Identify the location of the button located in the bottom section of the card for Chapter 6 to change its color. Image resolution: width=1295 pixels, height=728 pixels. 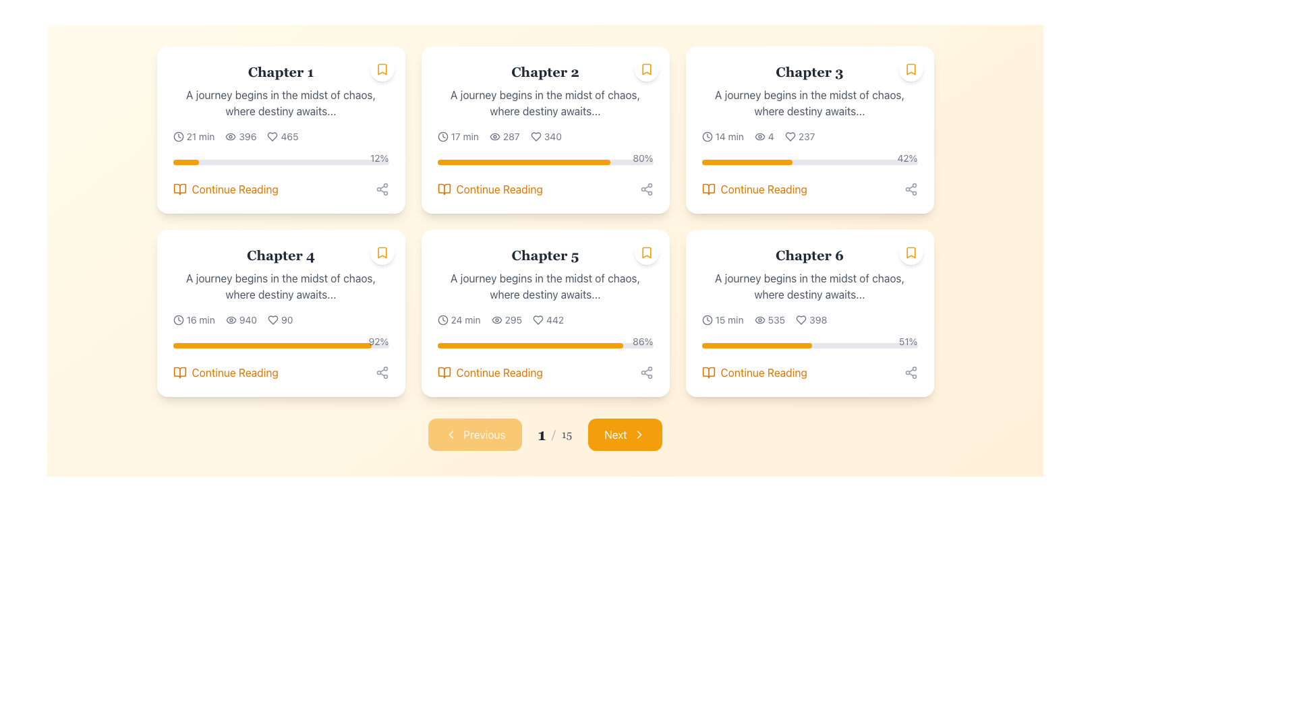
(753, 372).